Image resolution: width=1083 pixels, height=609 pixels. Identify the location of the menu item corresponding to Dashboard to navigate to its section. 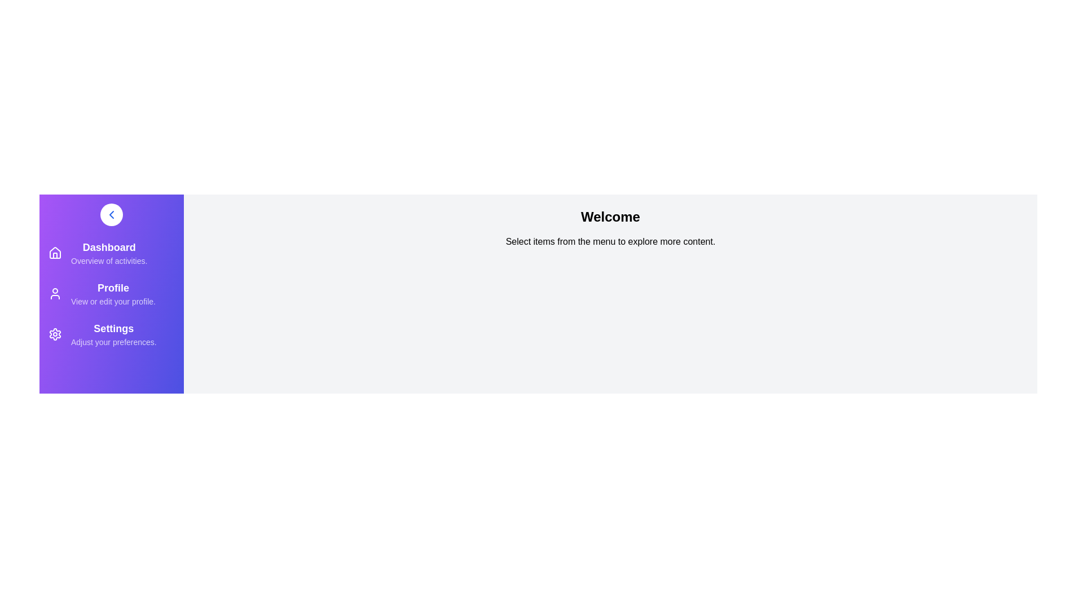
(111, 252).